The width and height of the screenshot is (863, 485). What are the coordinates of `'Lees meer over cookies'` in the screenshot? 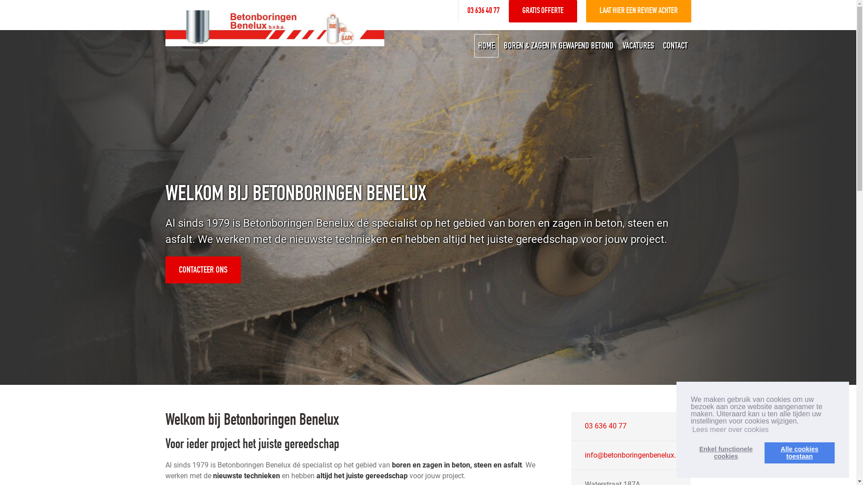 It's located at (690, 429).